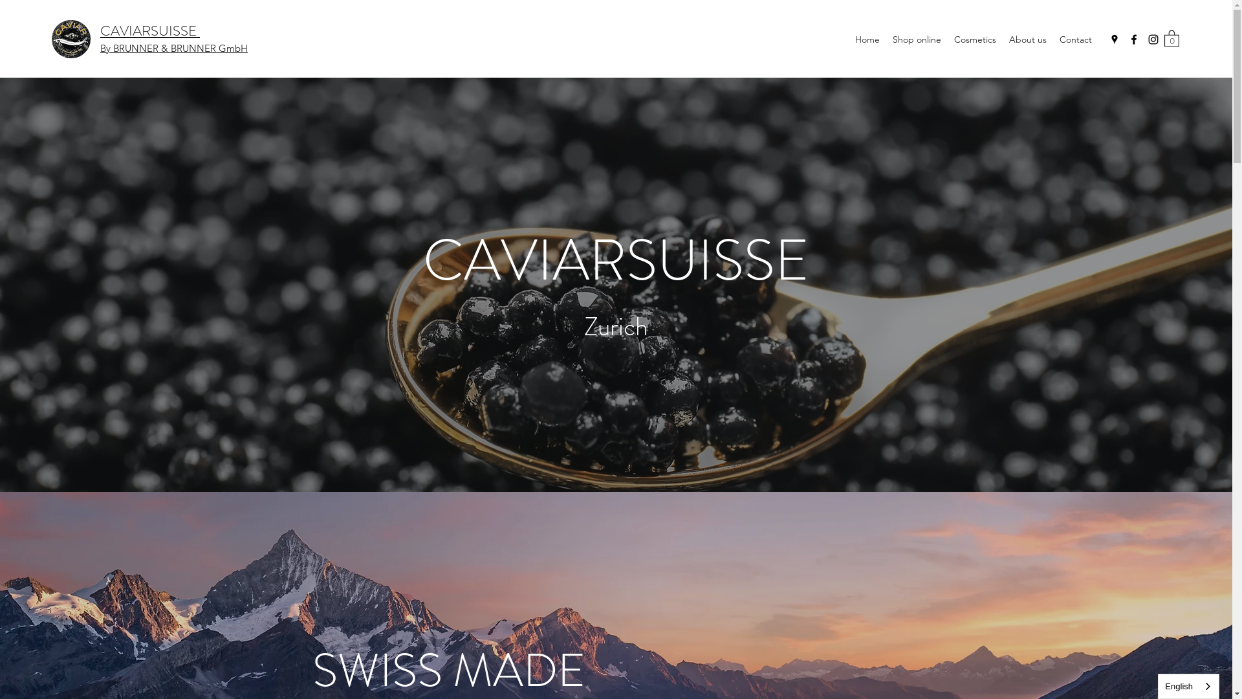 This screenshot has height=699, width=1242. What do you see at coordinates (867, 39) in the screenshot?
I see `'Home'` at bounding box center [867, 39].